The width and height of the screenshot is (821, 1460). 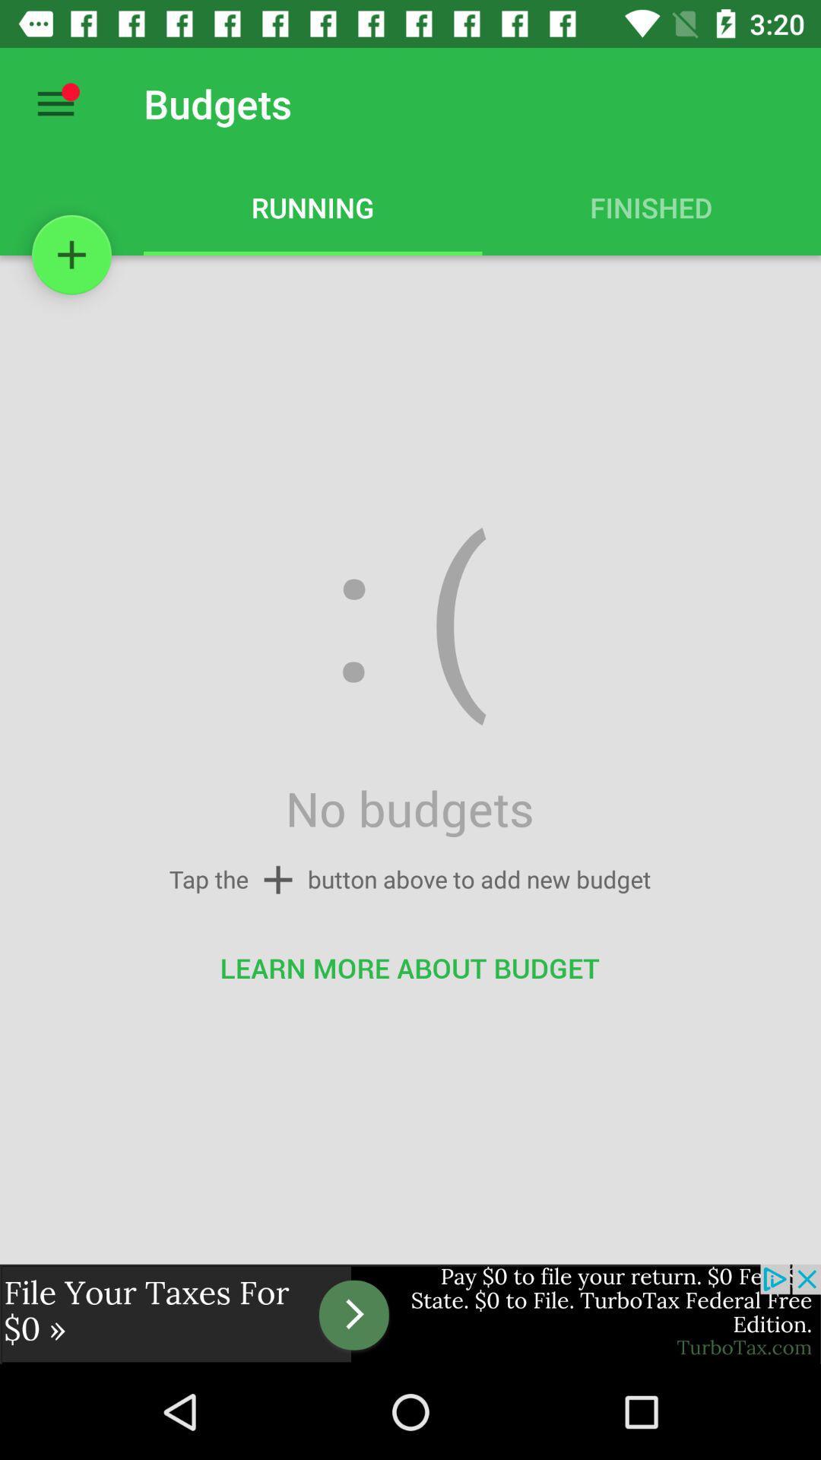 I want to click on menu, so click(x=55, y=103).